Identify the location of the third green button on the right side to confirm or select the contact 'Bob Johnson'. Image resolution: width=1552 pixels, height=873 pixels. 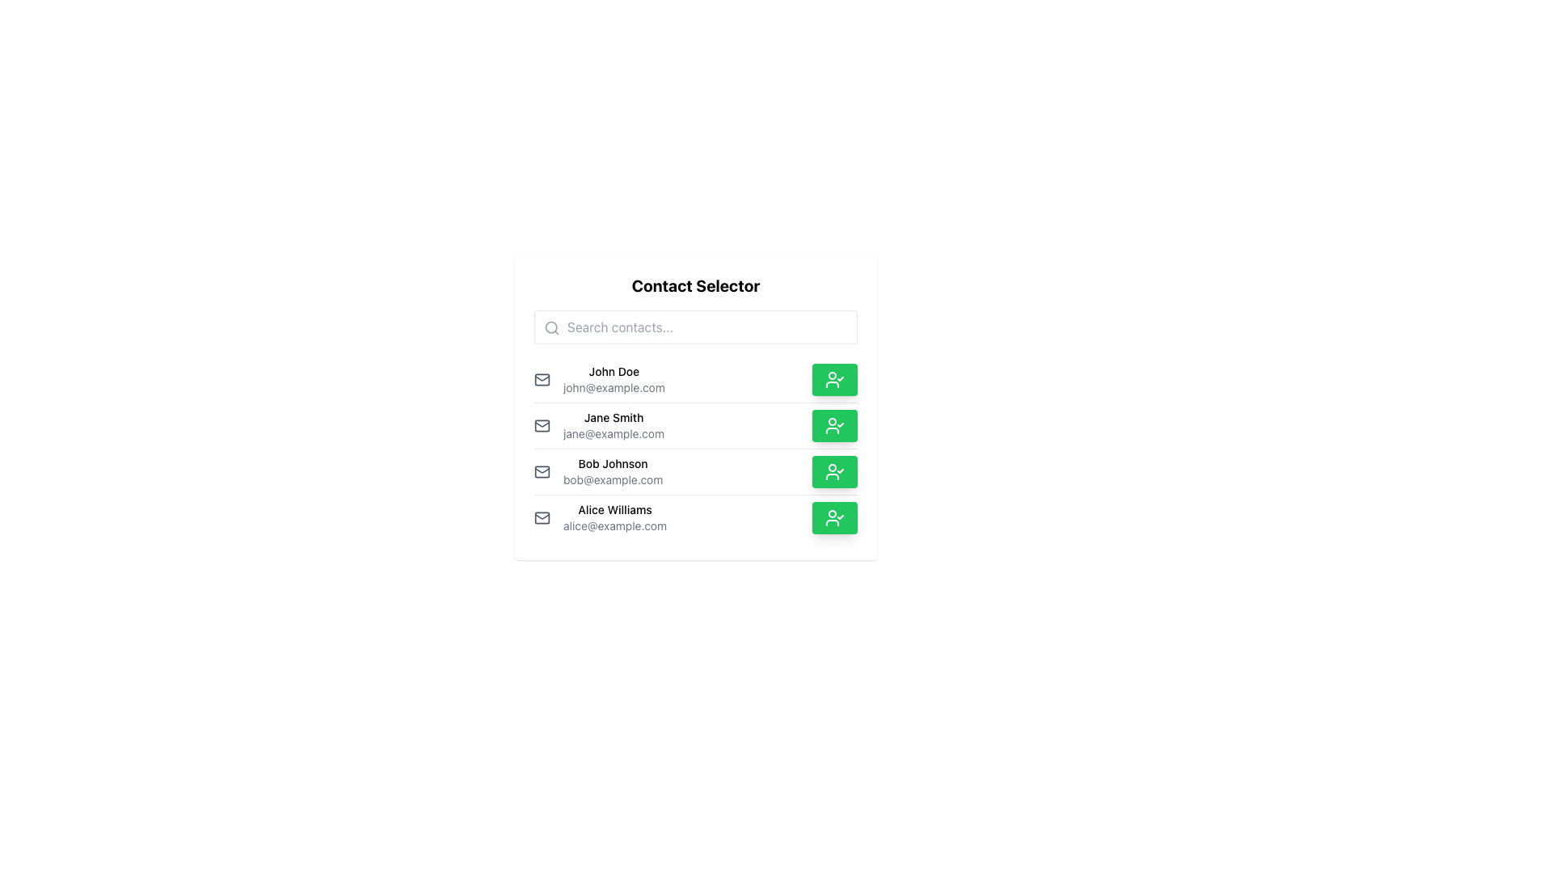
(834, 471).